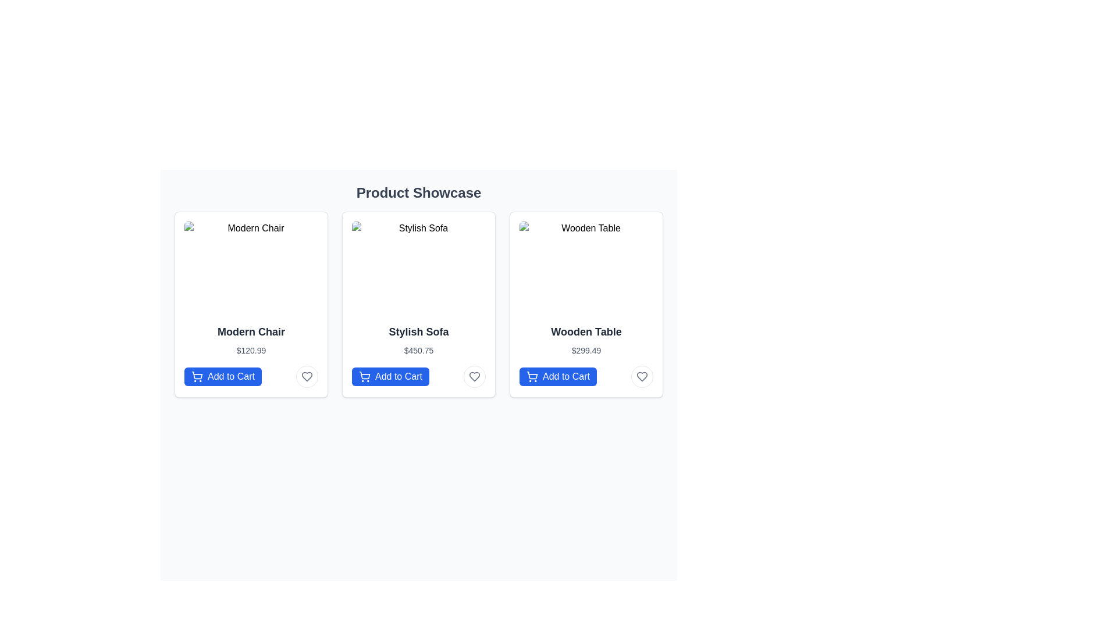 This screenshot has height=628, width=1117. What do you see at coordinates (197, 377) in the screenshot?
I see `the 'Add to Cart' button located at the bottom section of the card for the 'Modern Chair' product, which features an icon representing the cart action` at bounding box center [197, 377].